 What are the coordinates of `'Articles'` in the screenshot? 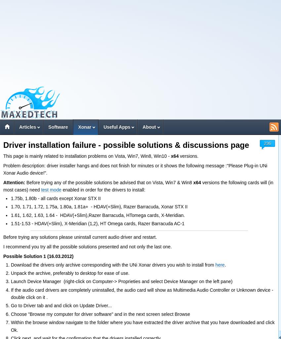 It's located at (27, 127).